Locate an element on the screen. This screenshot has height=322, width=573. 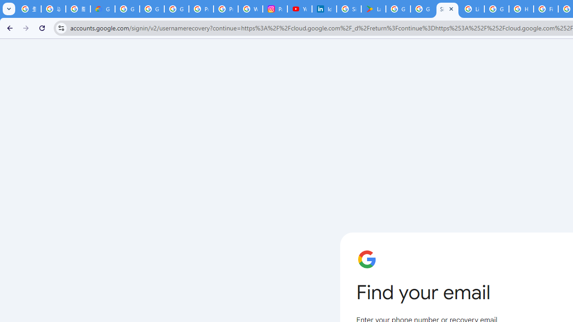
'View site information' is located at coordinates (60, 27).